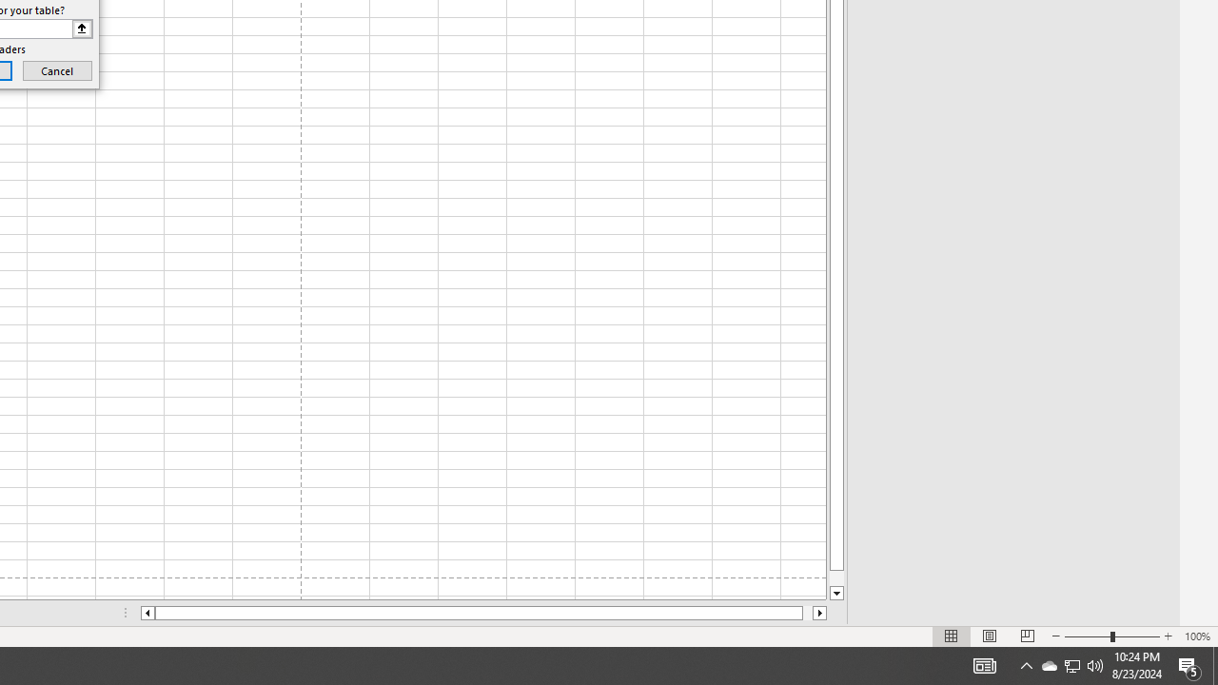 This screenshot has width=1218, height=685. I want to click on 'Zoom Out', so click(1088, 636).